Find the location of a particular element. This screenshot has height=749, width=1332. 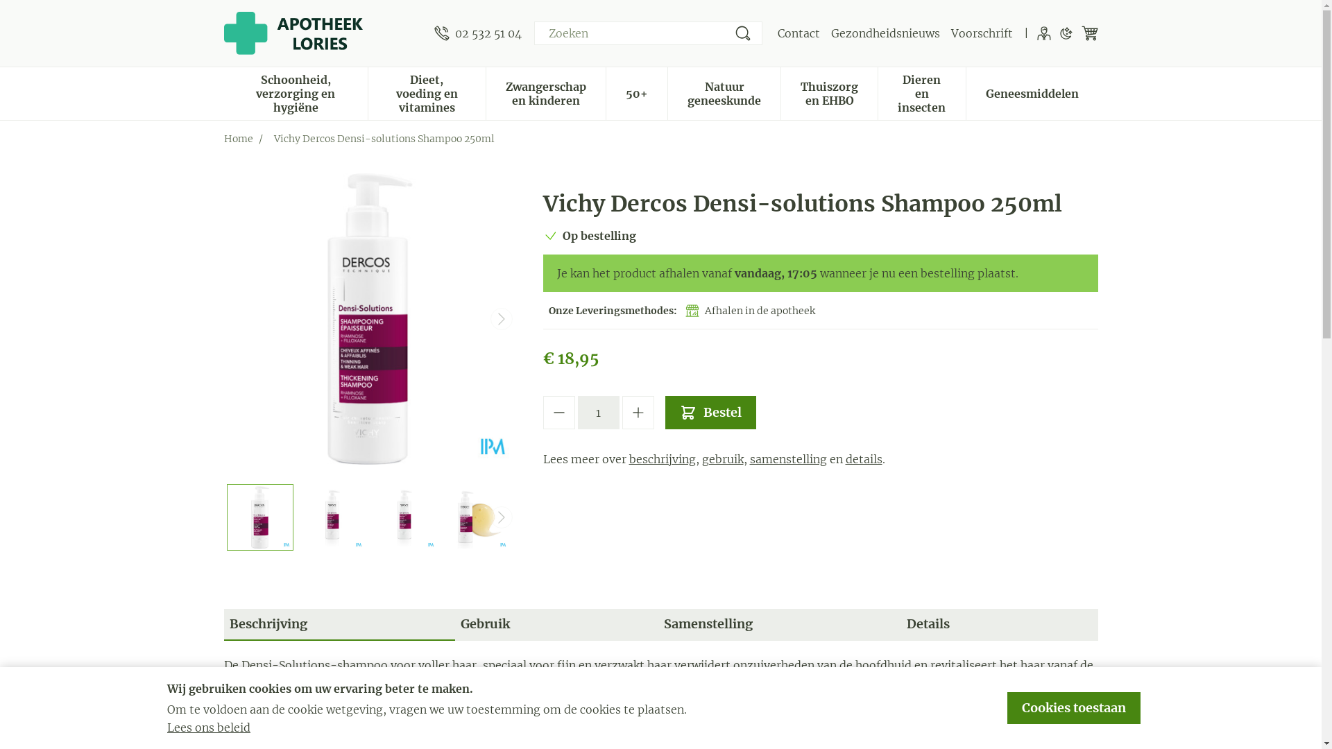

'Dieren en insecten' is located at coordinates (921, 92).